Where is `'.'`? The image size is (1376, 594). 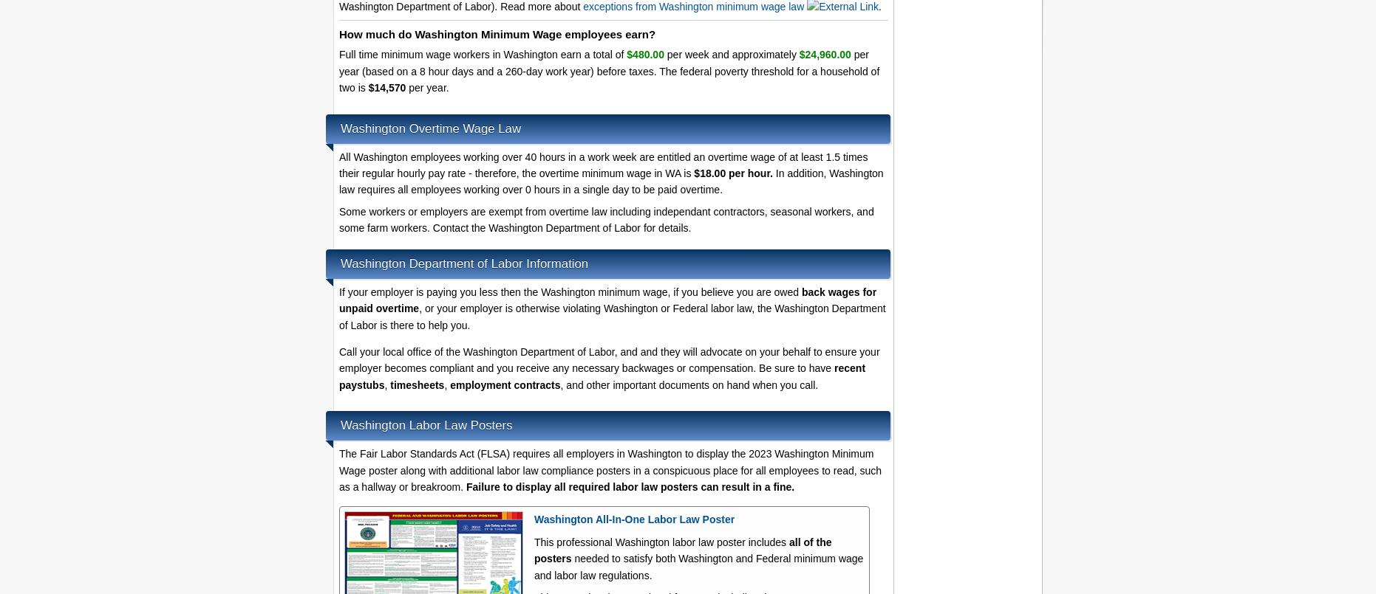
'.' is located at coordinates (879, 5).